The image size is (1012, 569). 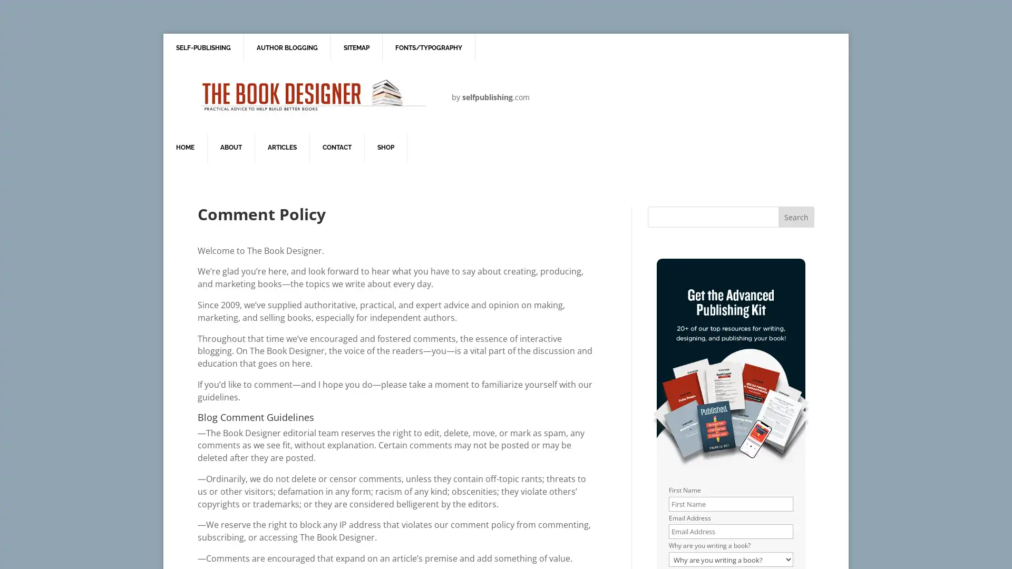 What do you see at coordinates (796, 217) in the screenshot?
I see `Search` at bounding box center [796, 217].